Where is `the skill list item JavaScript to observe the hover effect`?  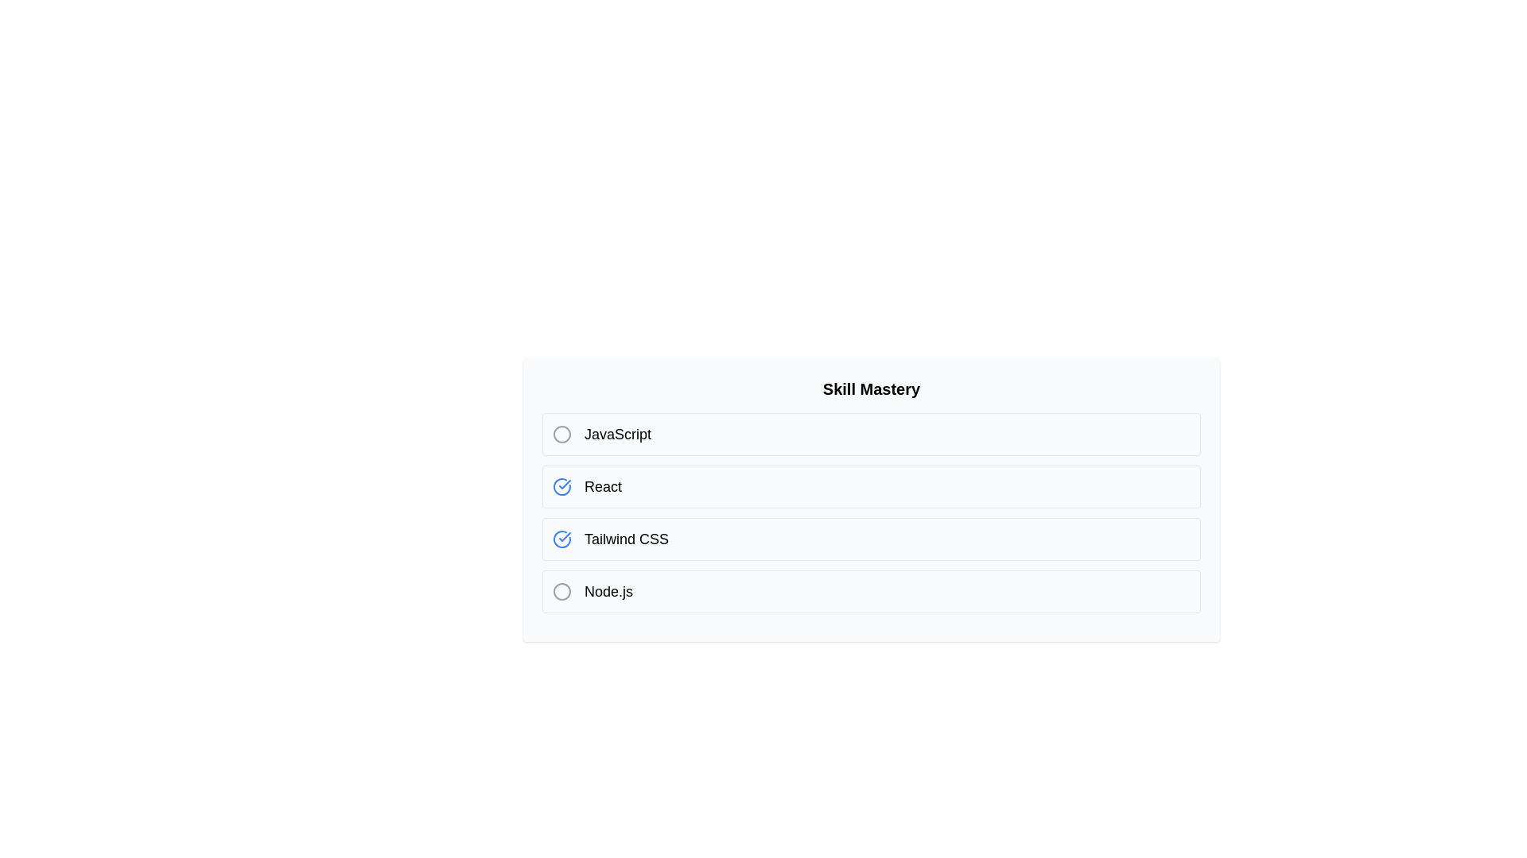 the skill list item JavaScript to observe the hover effect is located at coordinates (870, 435).